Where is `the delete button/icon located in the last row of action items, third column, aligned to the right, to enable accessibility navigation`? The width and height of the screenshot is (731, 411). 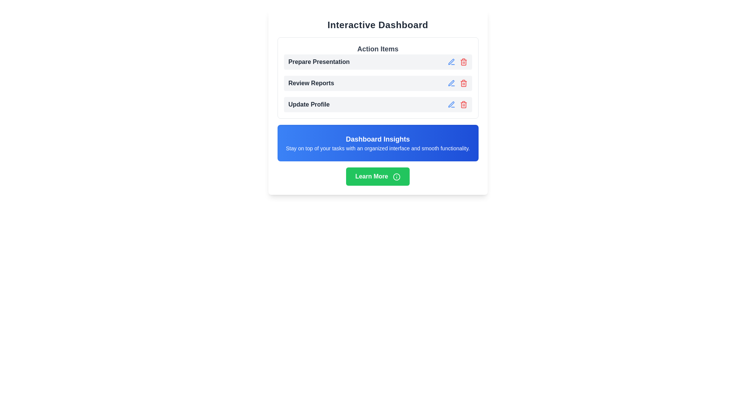
the delete button/icon located in the last row of action items, third column, aligned to the right, to enable accessibility navigation is located at coordinates (463, 104).